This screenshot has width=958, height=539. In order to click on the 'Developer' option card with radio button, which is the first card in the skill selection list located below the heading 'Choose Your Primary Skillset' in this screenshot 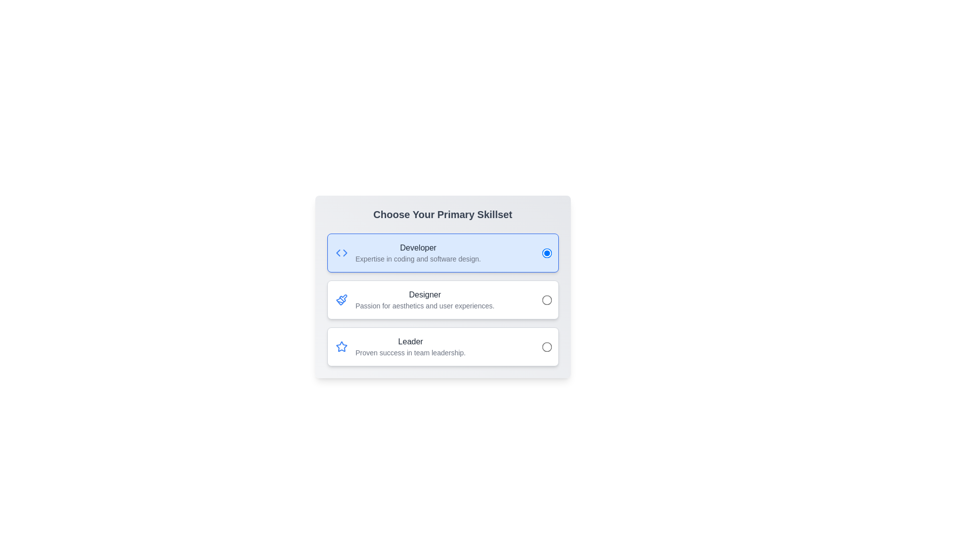, I will do `click(442, 252)`.